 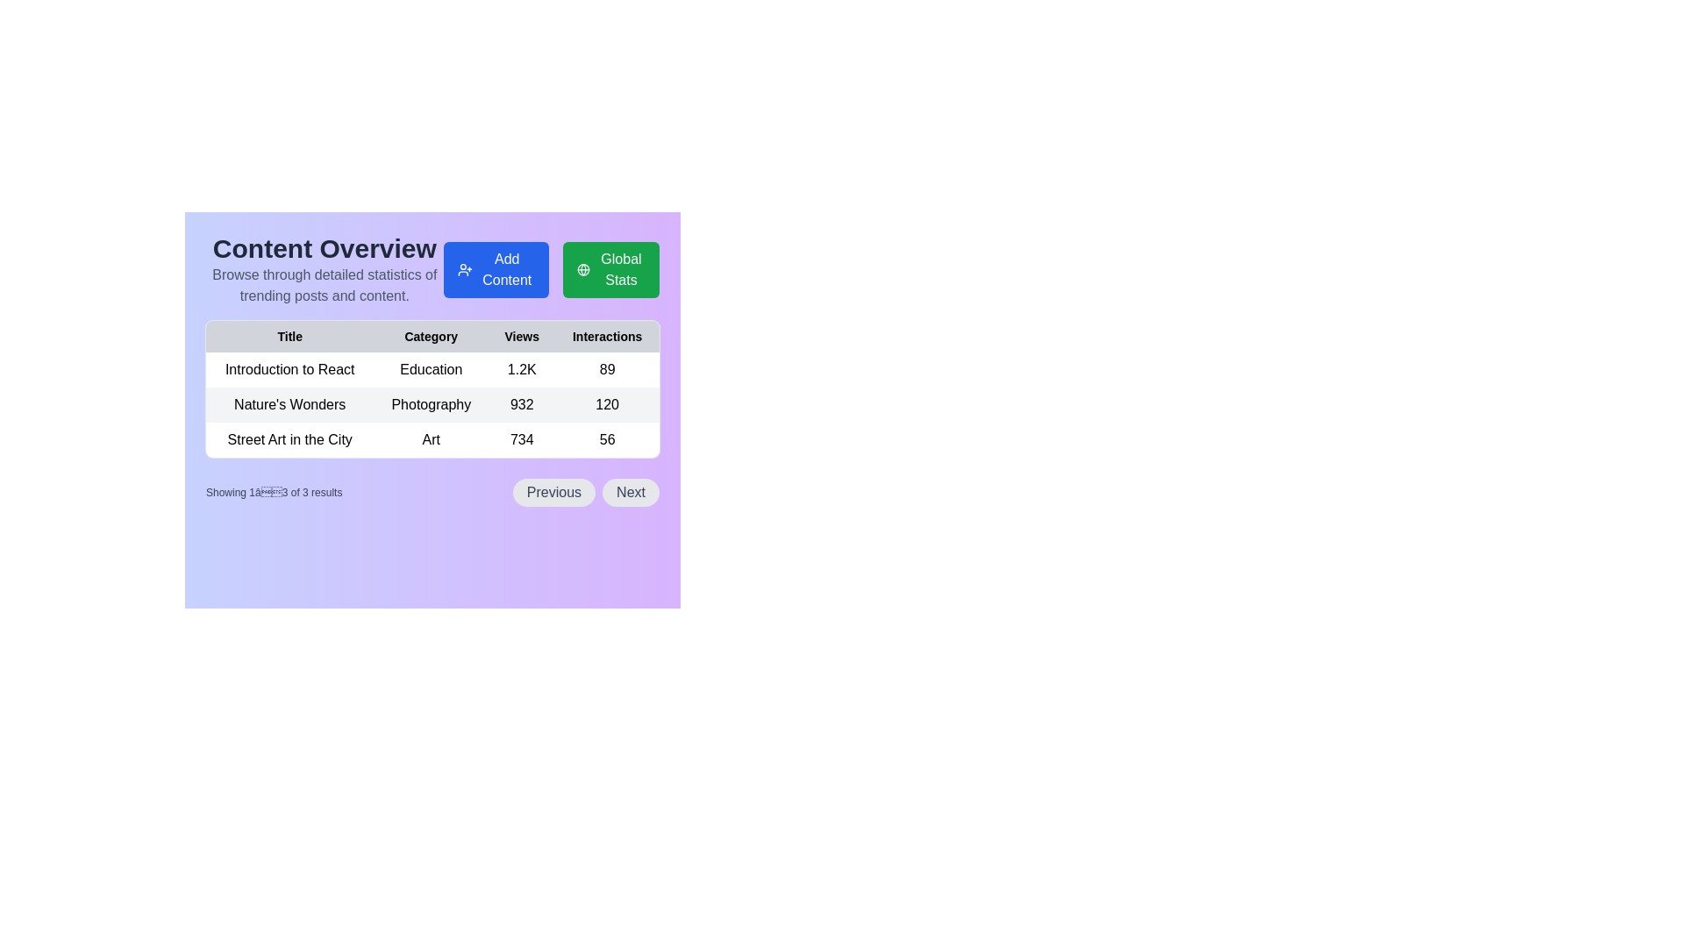 What do you see at coordinates (521, 368) in the screenshot?
I see `the static text displaying the view count for the 'Introduction to React' item, located in the 'Views' column of the table` at bounding box center [521, 368].